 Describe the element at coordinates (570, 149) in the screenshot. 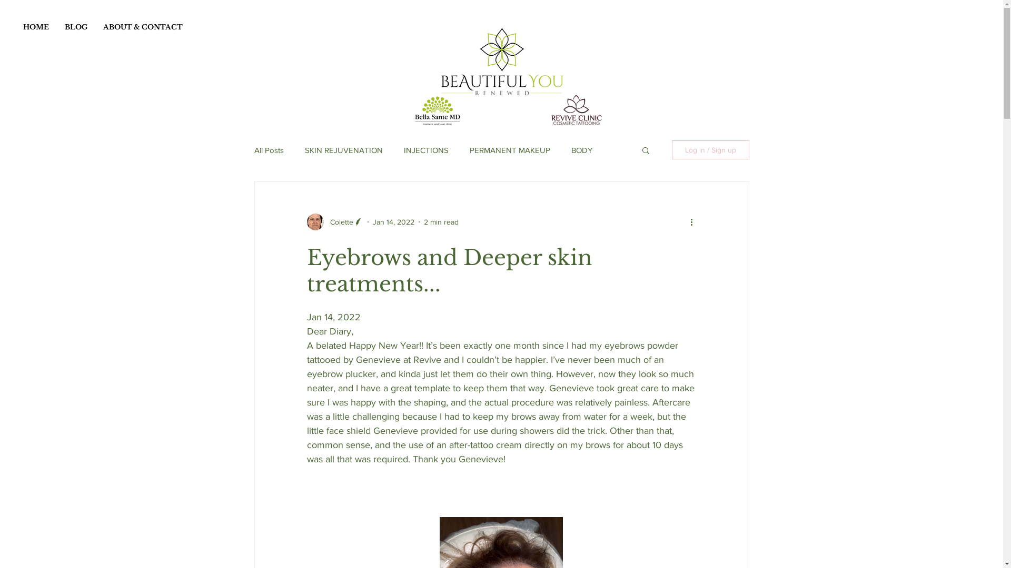

I see `'BODY'` at that location.